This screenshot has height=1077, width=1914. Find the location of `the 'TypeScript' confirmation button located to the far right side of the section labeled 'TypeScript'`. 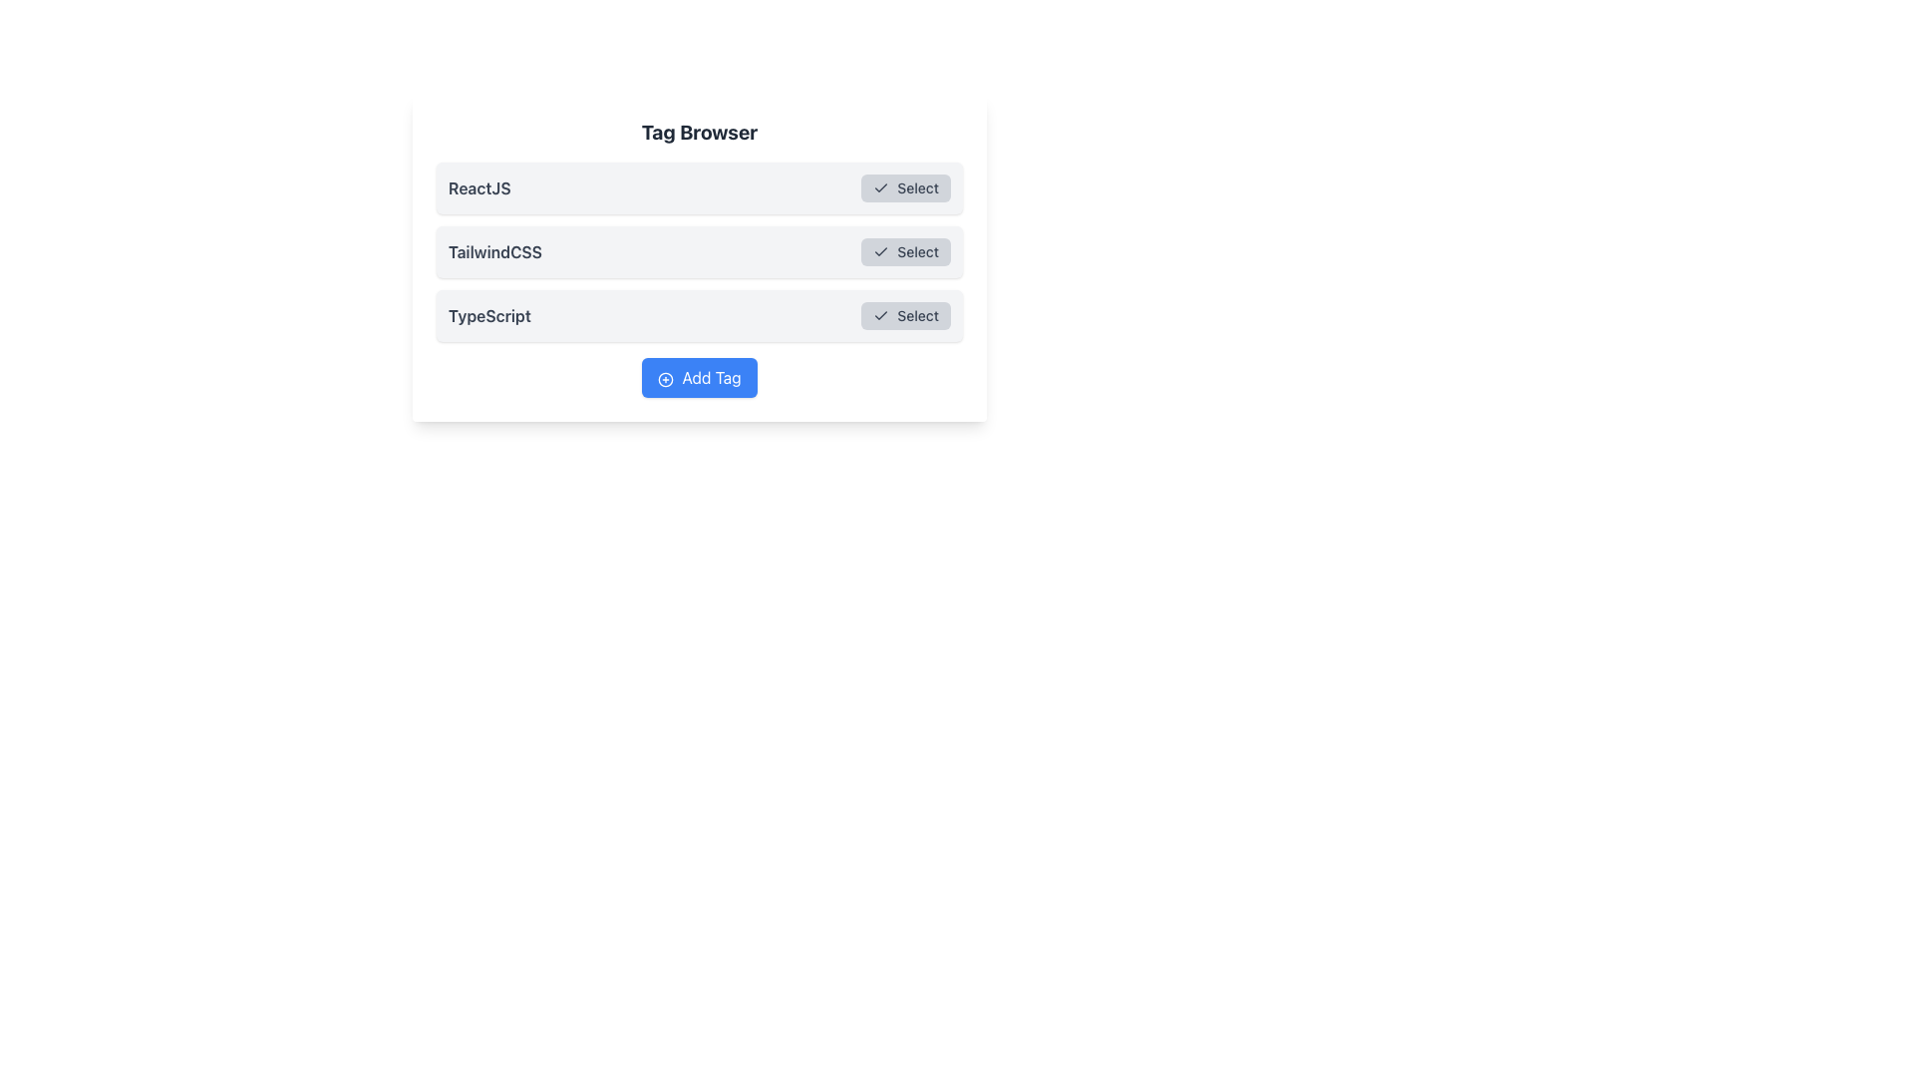

the 'TypeScript' confirmation button located to the far right side of the section labeled 'TypeScript' is located at coordinates (905, 314).